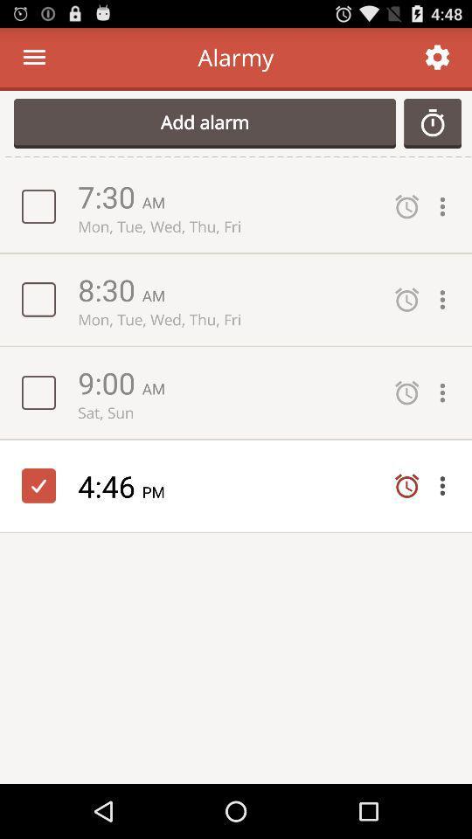 This screenshot has height=839, width=472. I want to click on 9:00 icon, so click(109, 382).